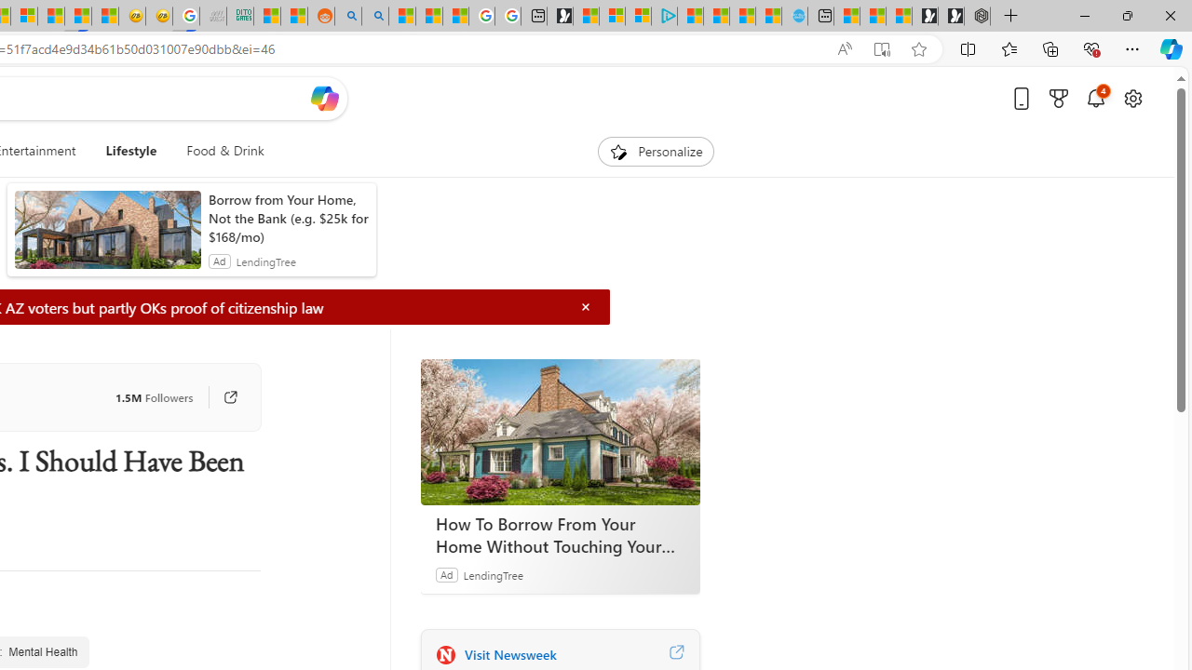  What do you see at coordinates (951, 16) in the screenshot?
I see `'Play Free Online Games | Games from Microsoft Start'` at bounding box center [951, 16].